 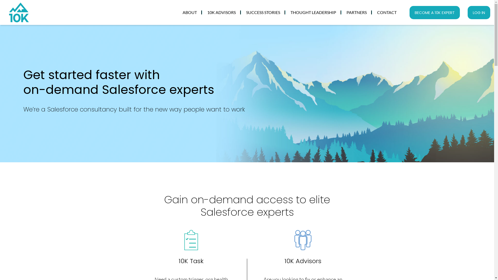 I want to click on 'CONTACT', so click(x=387, y=12).